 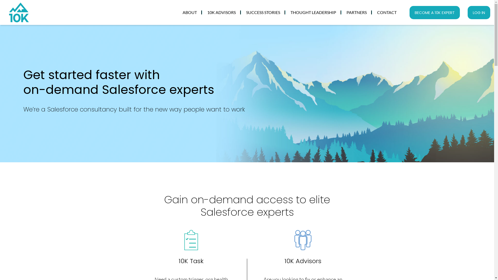 I want to click on 'CONTACT', so click(x=387, y=12).